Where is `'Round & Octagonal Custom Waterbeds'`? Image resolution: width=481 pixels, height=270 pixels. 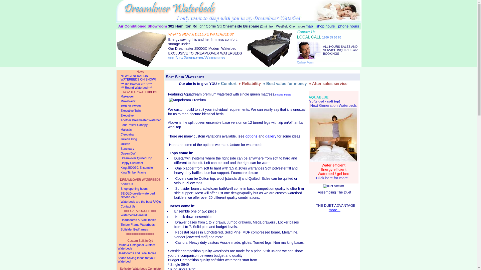 'Round & Octagonal Custom Waterbeds' is located at coordinates (140, 246).